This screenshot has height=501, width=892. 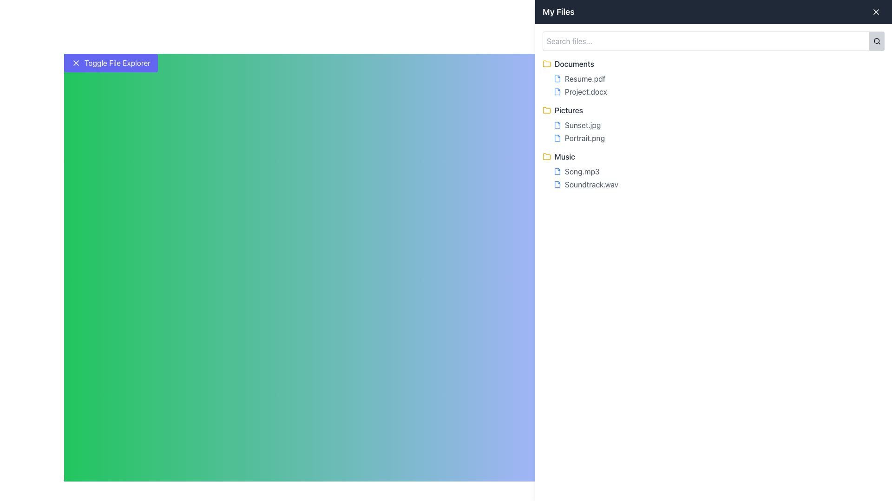 What do you see at coordinates (546, 64) in the screenshot?
I see `the 'Documents' folder icon in the file explorer` at bounding box center [546, 64].